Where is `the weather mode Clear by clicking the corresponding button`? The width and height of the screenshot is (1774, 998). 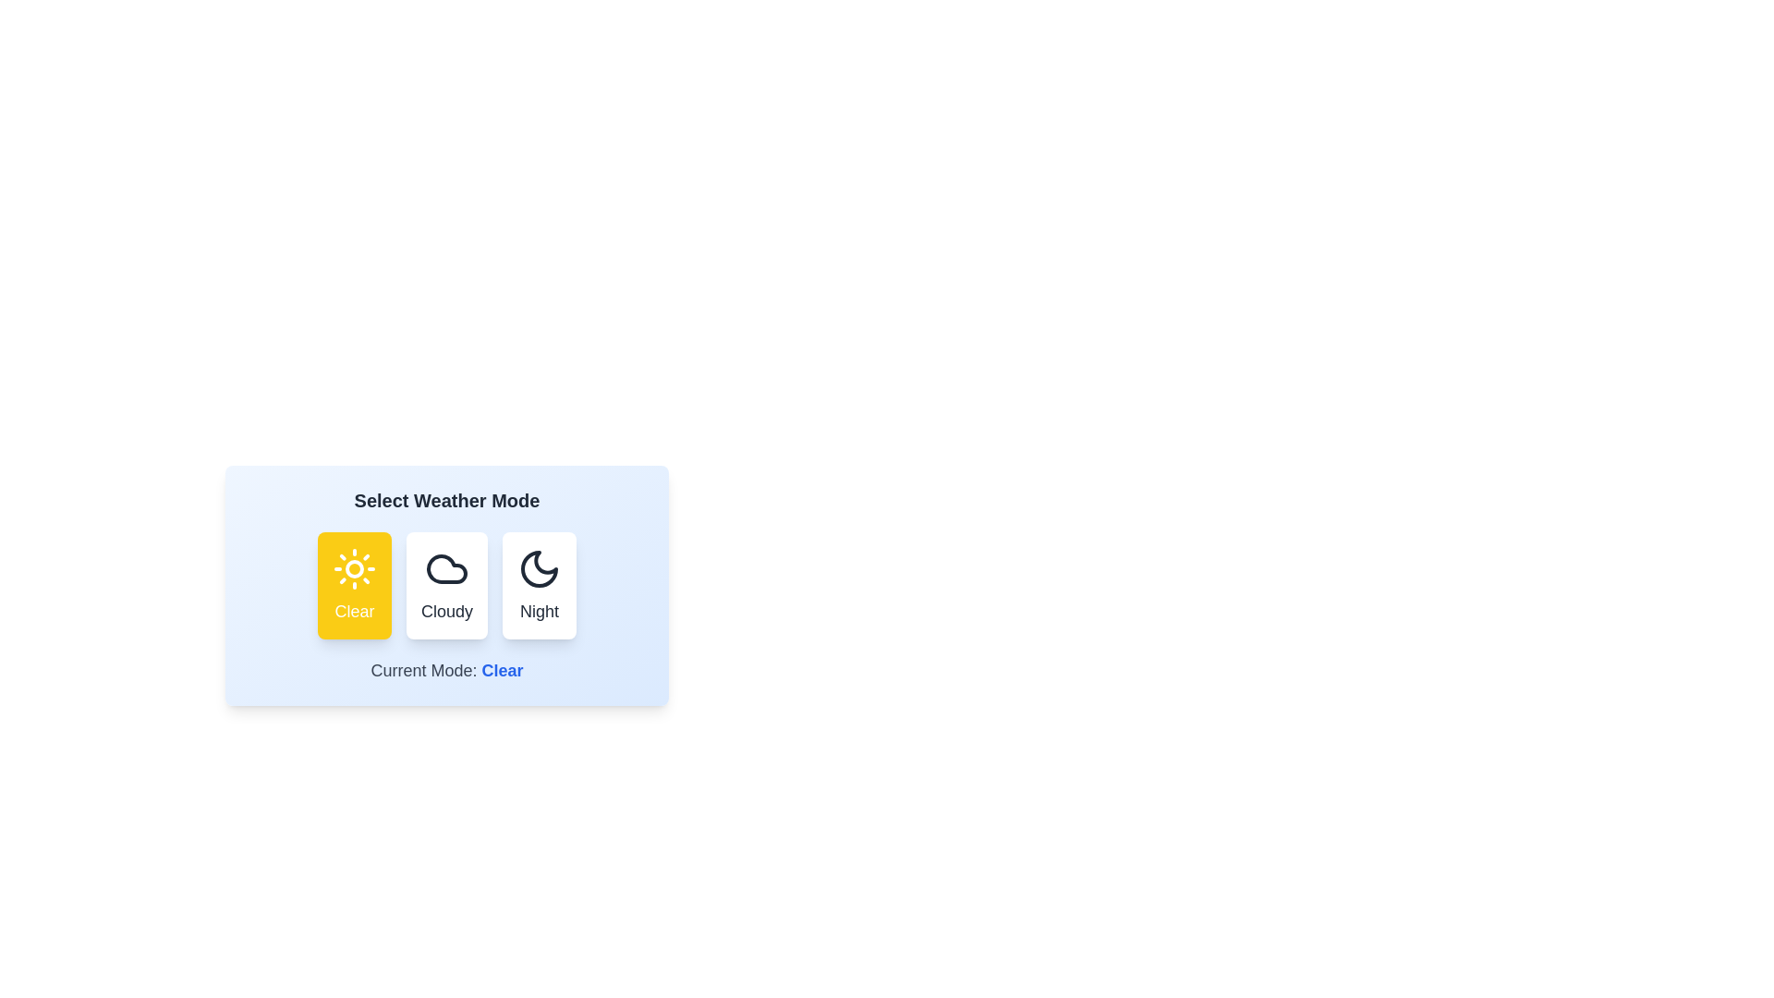 the weather mode Clear by clicking the corresponding button is located at coordinates (355, 585).